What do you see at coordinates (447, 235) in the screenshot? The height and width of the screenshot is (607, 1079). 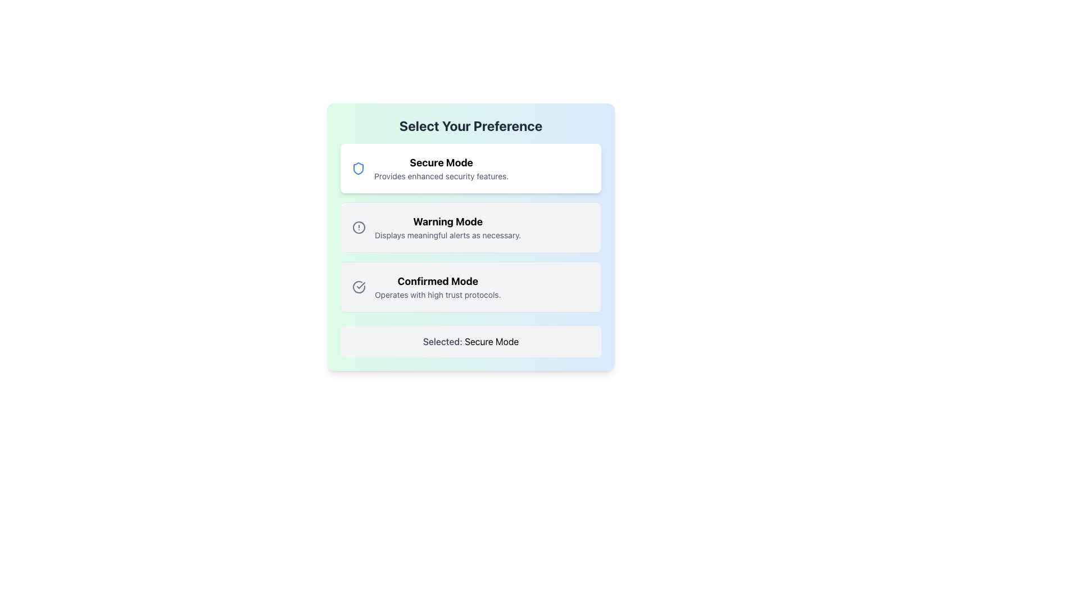 I see `the text label providing additional information regarding the 'Warning Mode' option, which is the second line of text within the 'Warning Mode' section` at bounding box center [447, 235].